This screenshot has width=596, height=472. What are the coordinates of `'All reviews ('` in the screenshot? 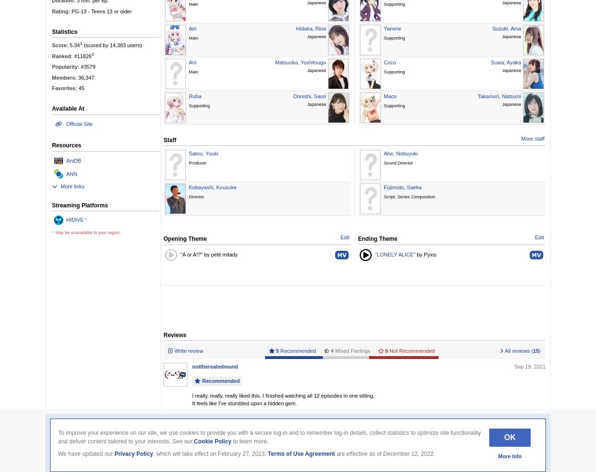 It's located at (518, 350).